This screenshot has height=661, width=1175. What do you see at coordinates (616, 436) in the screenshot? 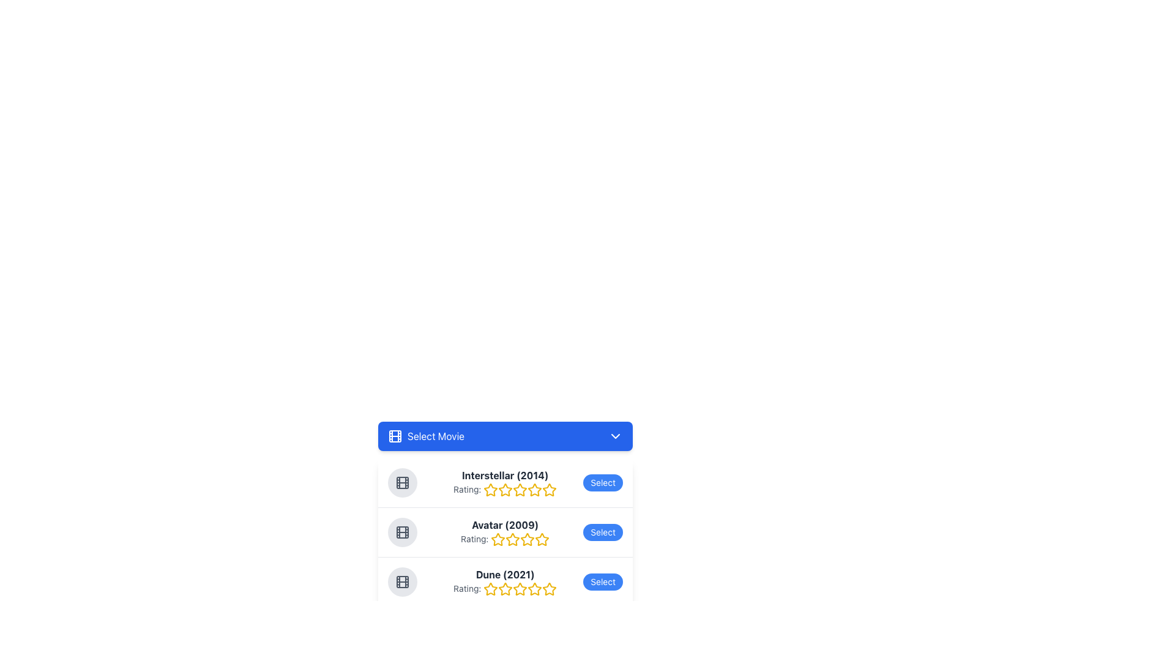
I see `the toggle icon located at the rightmost edge of the 'Select Movie' section` at bounding box center [616, 436].